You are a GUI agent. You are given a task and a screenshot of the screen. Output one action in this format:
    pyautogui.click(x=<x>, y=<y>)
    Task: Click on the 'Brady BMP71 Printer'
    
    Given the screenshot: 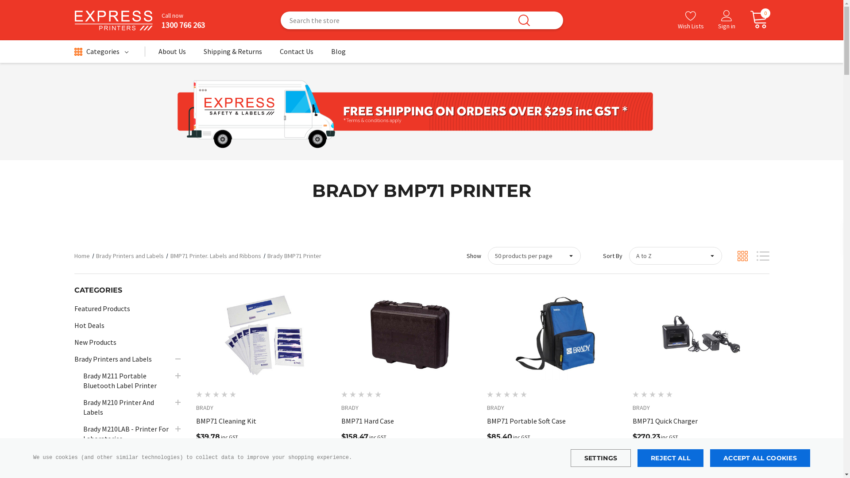 What is the action you would take?
    pyautogui.click(x=294, y=256)
    